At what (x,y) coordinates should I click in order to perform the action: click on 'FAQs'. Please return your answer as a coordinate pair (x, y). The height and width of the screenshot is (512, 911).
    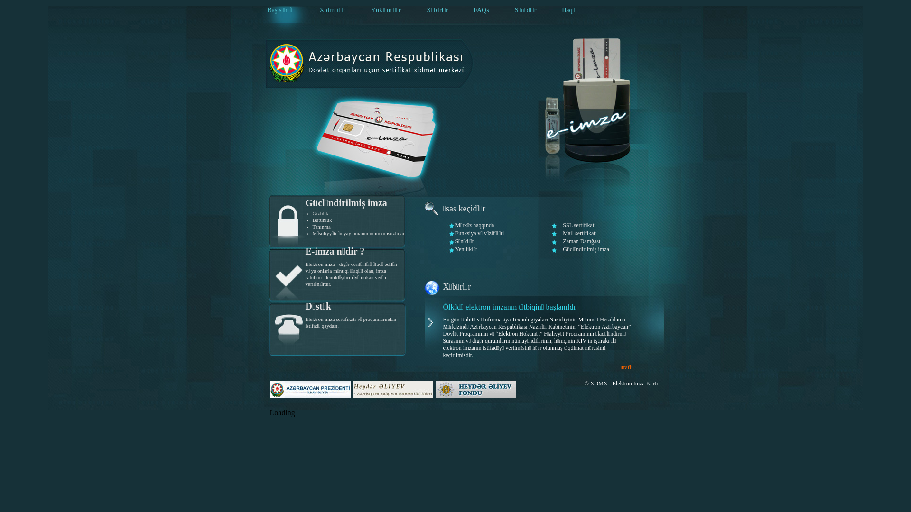
    Looking at the image, I should click on (481, 10).